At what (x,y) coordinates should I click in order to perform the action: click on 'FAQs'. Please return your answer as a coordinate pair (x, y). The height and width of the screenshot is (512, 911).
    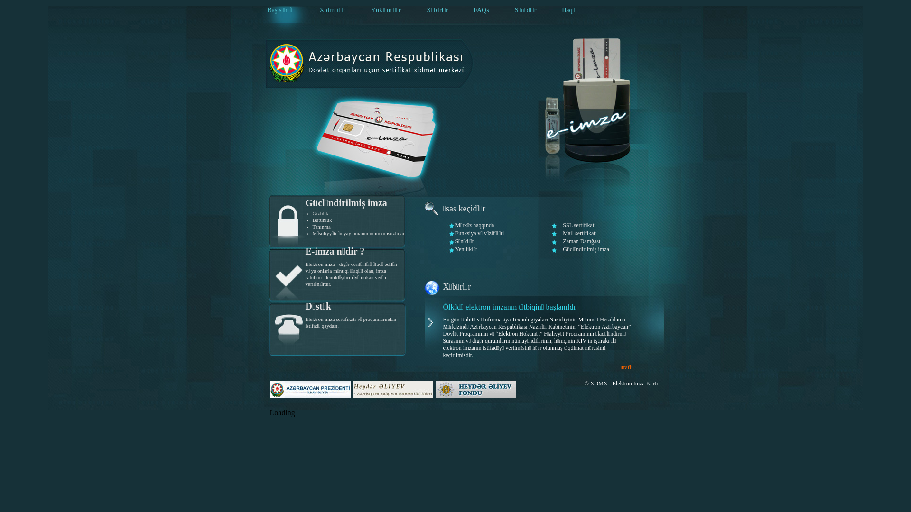
    Looking at the image, I should click on (481, 10).